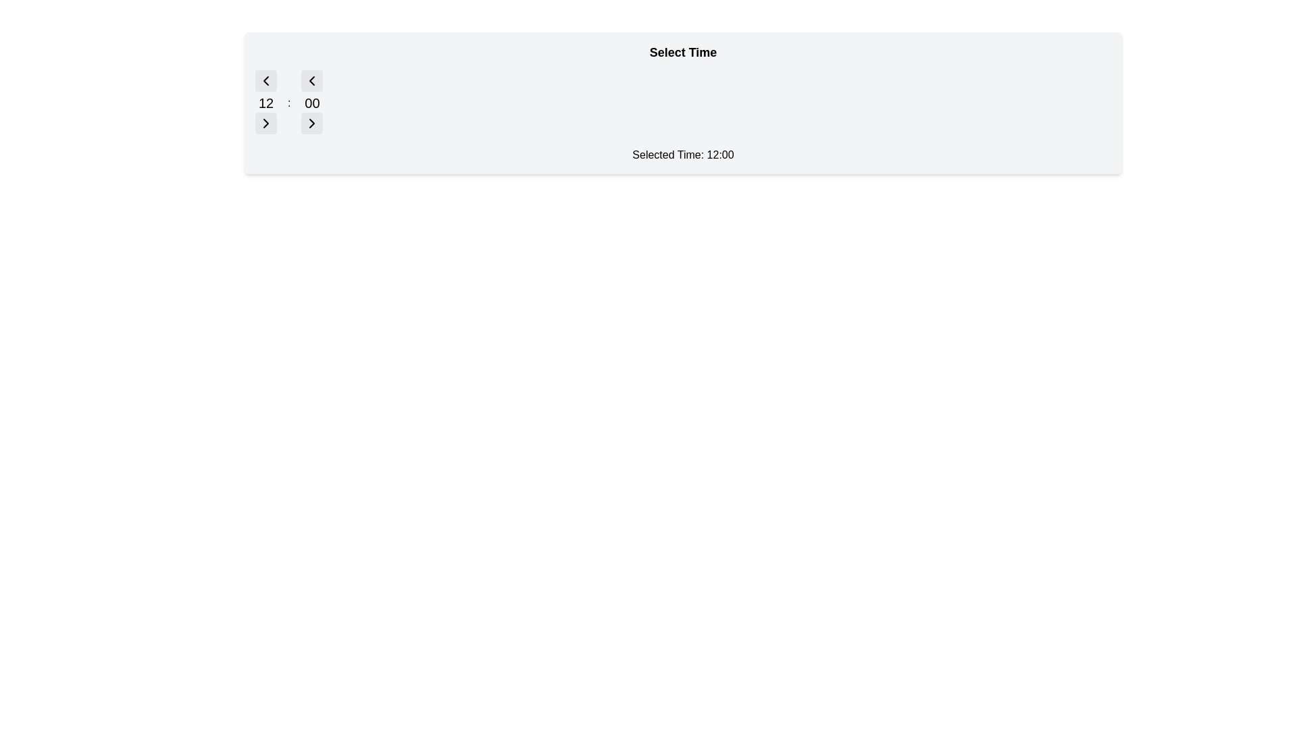 This screenshot has width=1297, height=729. Describe the element at coordinates (265, 103) in the screenshot. I see `the text element displaying the number '12', which is part of the time selector widget and positioned between the upward and downward arrow buttons` at that location.